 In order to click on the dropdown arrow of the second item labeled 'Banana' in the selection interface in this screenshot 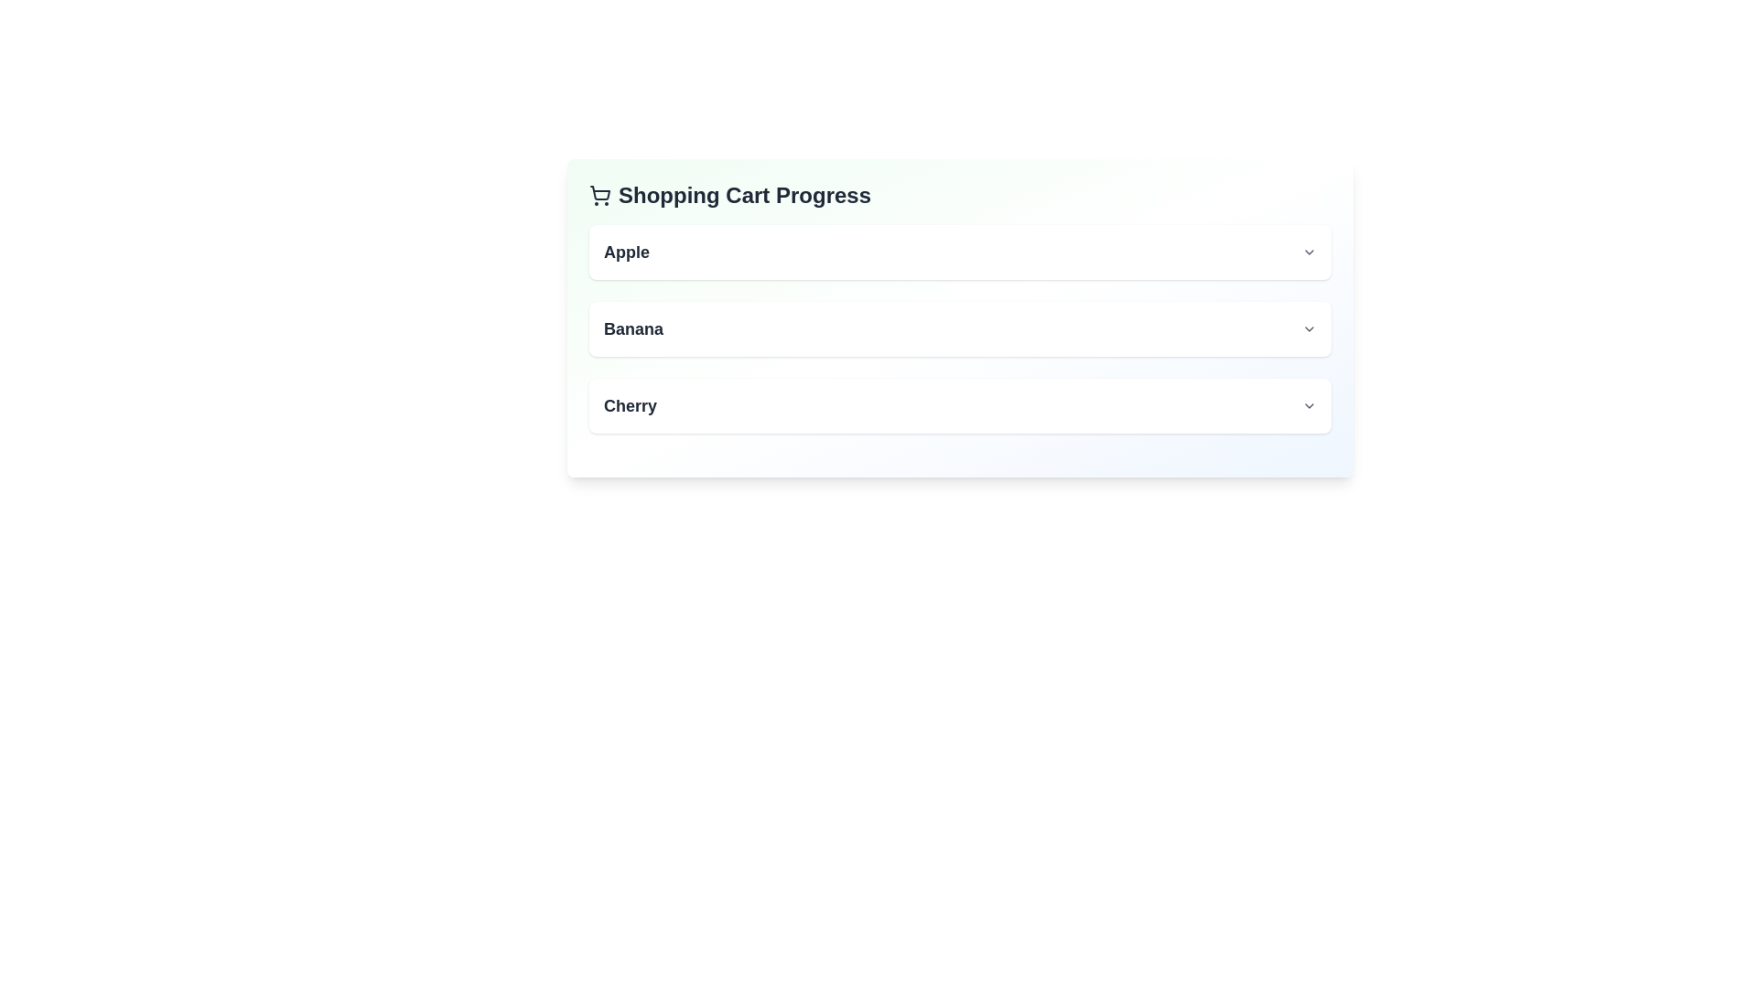, I will do `click(959, 328)`.